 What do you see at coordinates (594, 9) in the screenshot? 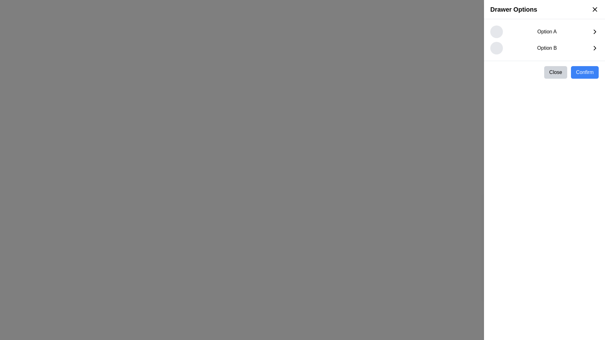
I see `the close button located at the top-right corner of the Drawer Options header` at bounding box center [594, 9].